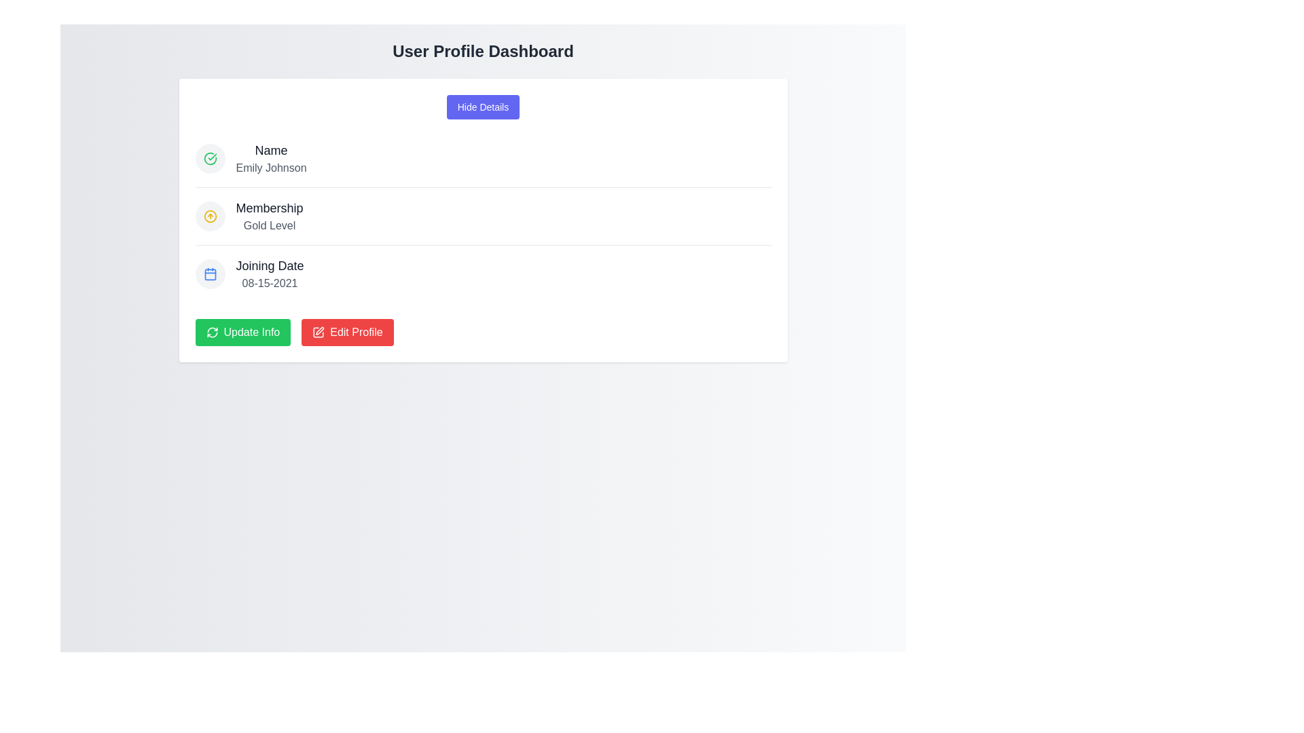 This screenshot has height=733, width=1304. What do you see at coordinates (209, 274) in the screenshot?
I see `the small light blue calendar icon located above the 'Joining Date' text on the user profile dashboard` at bounding box center [209, 274].